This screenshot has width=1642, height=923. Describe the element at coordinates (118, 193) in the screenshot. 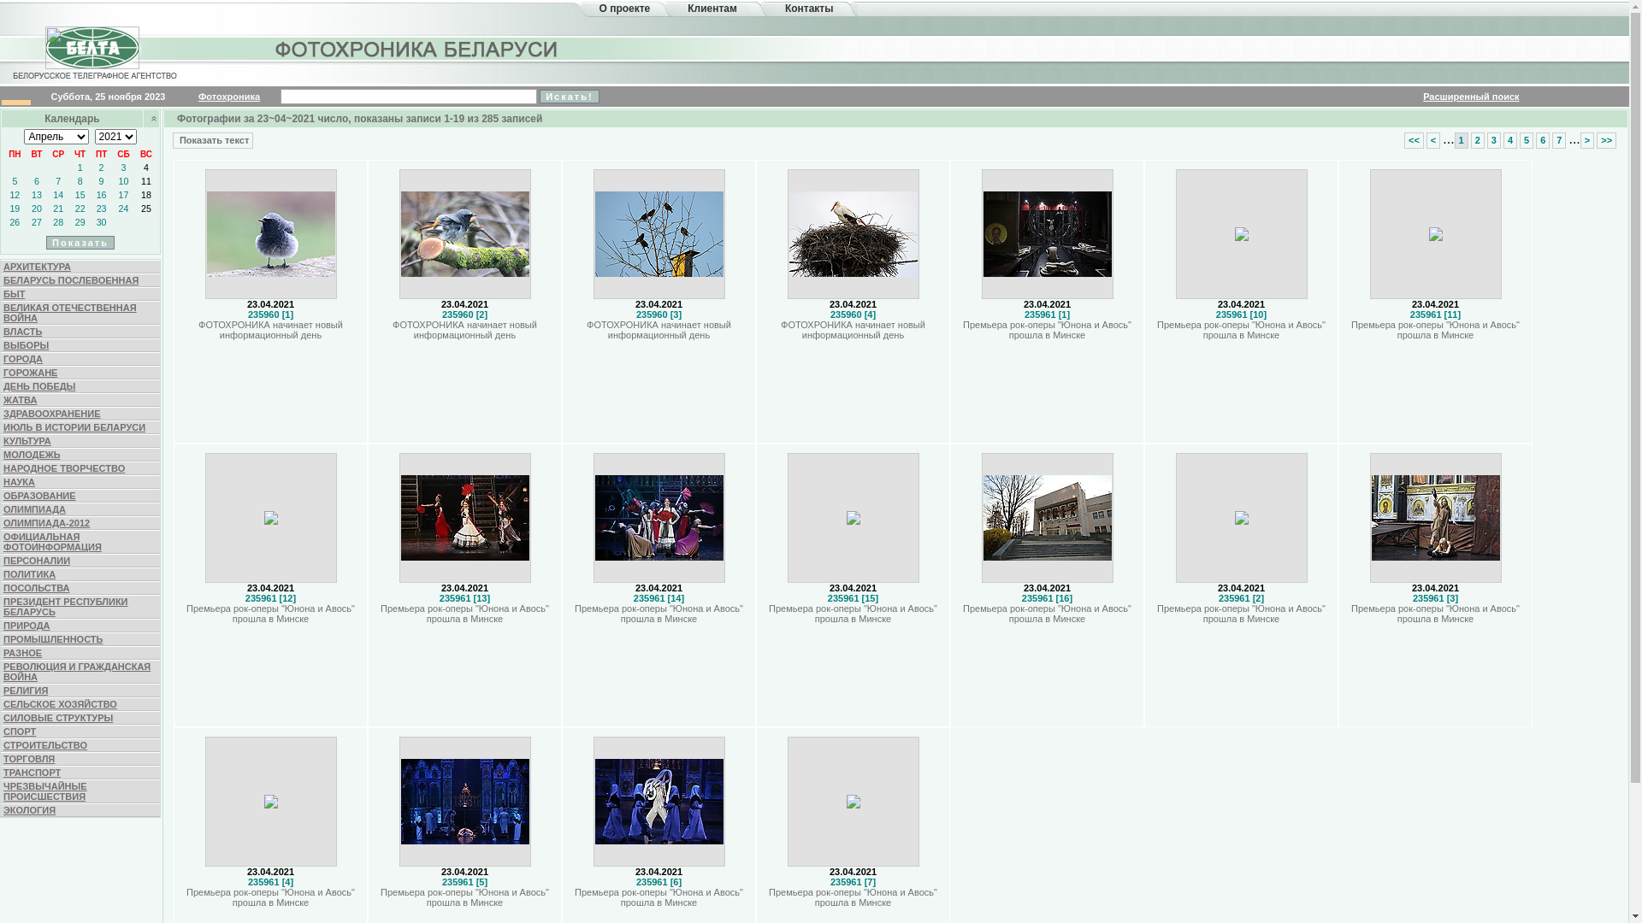

I see `'17'` at that location.